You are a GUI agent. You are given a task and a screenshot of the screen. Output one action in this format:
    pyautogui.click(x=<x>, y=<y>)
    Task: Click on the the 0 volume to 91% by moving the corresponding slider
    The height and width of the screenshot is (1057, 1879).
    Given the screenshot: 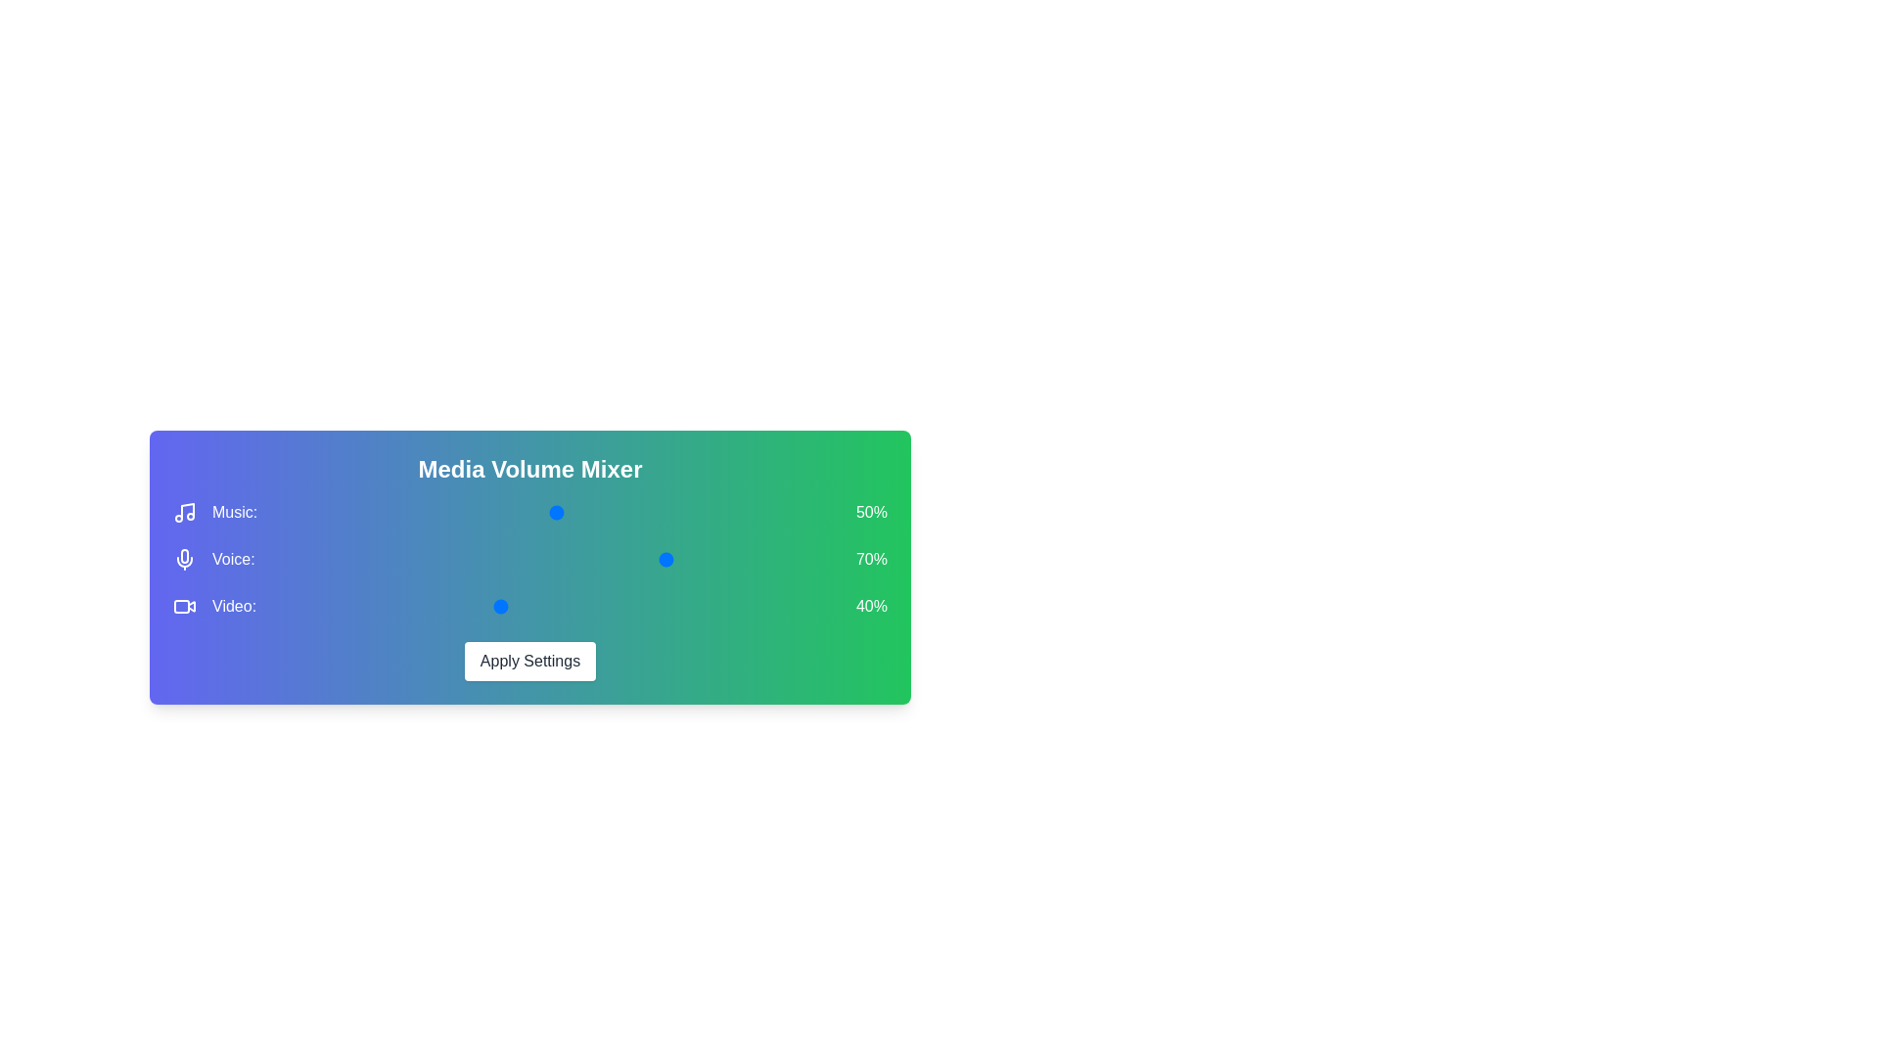 What is the action you would take?
    pyautogui.click(x=814, y=512)
    